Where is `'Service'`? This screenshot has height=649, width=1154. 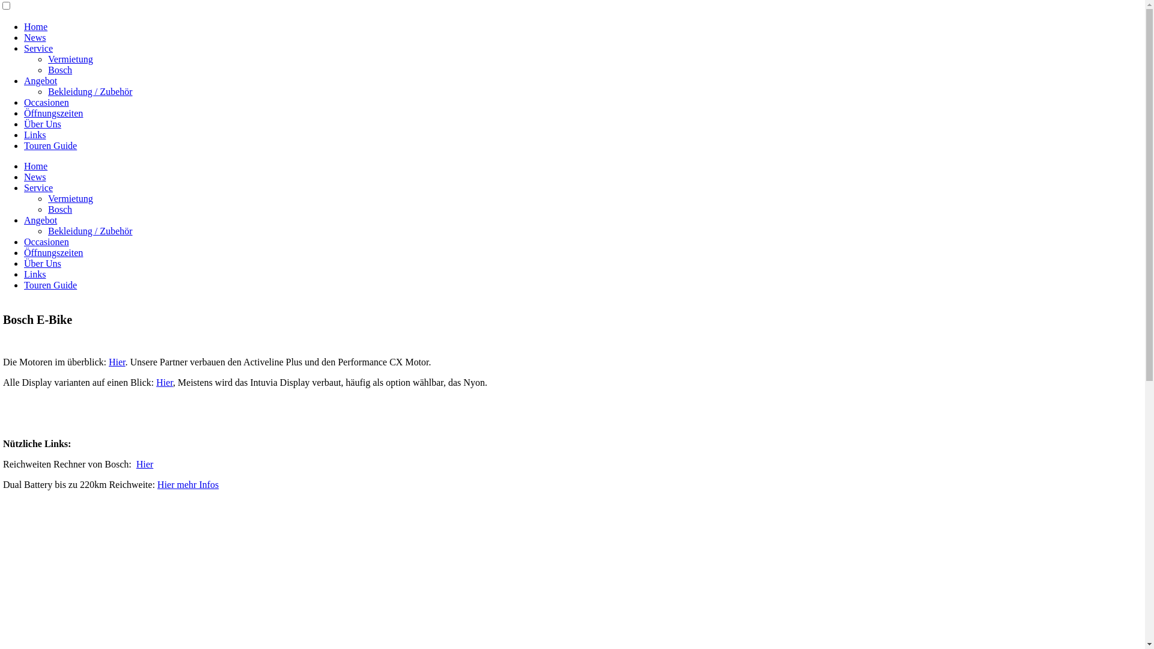
'Service' is located at coordinates (38, 187).